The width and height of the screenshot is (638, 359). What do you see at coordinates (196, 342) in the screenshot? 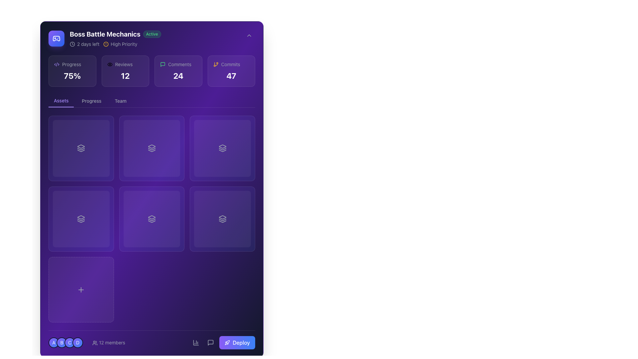
I see `the small square-shaped button with a graph-like icon featuring vertical bars and a curved line, located to the left of the 'Deploy' button in the bottom section of the interface` at bounding box center [196, 342].